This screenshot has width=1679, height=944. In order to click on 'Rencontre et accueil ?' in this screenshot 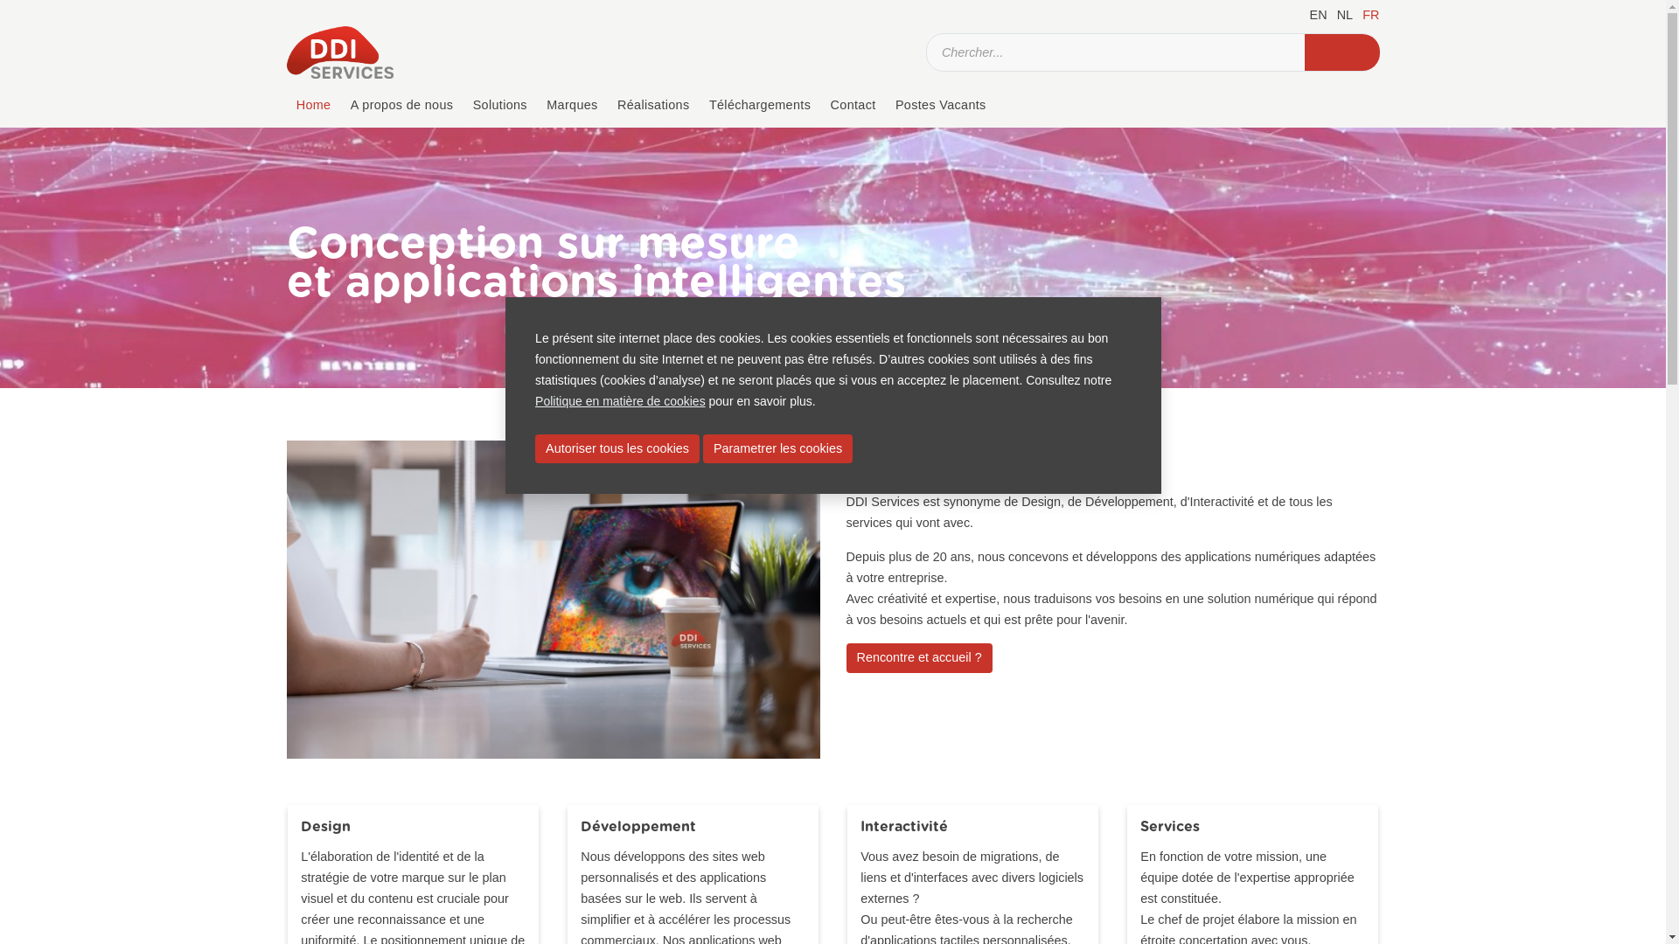, I will do `click(846, 657)`.